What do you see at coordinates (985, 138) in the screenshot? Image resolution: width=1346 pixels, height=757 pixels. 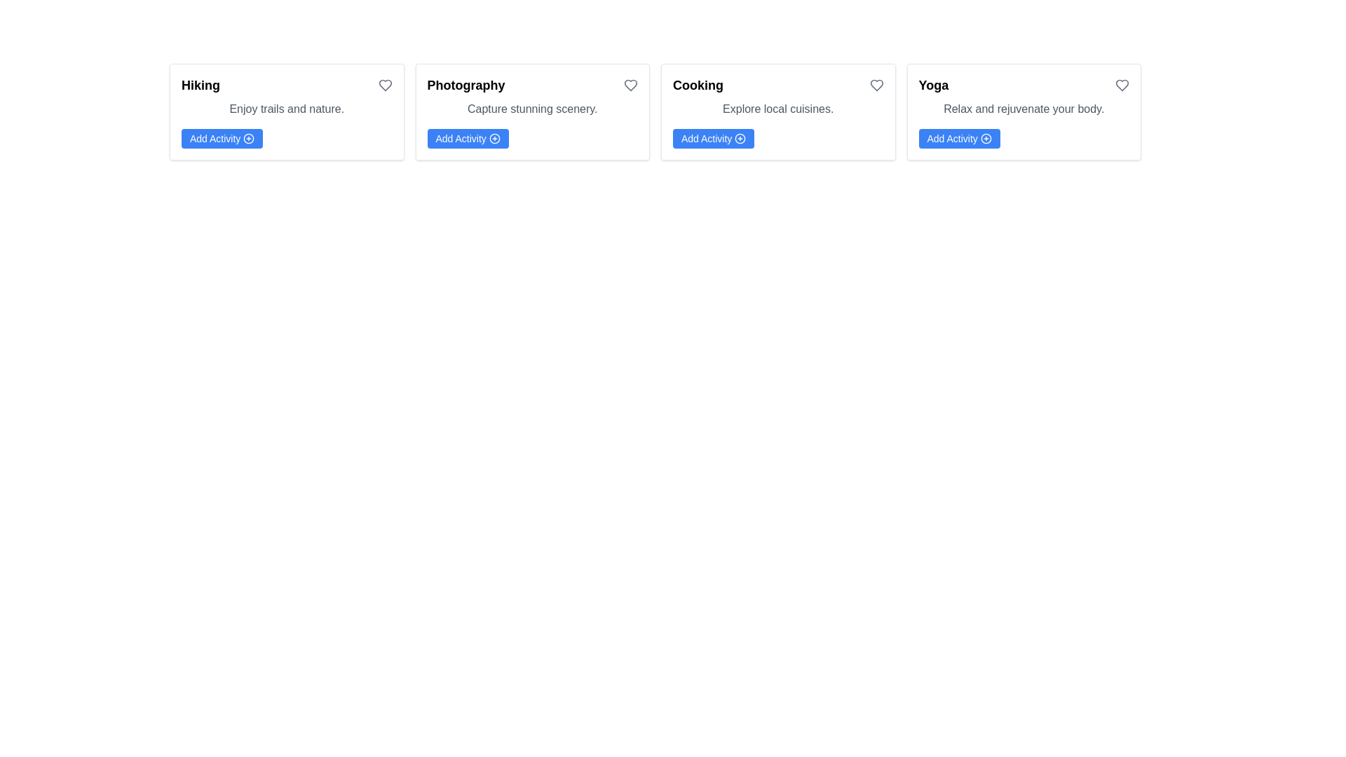 I see `the central circular component of the plus sign located in the 'Add Activity' button on the 'Yoga' card, the fourth card from the left` at bounding box center [985, 138].